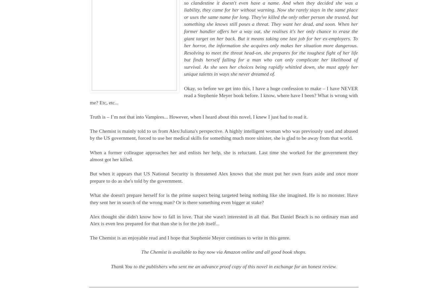 Image resolution: width=445 pixels, height=293 pixels. I want to click on 'The Chemist is available to buy now via', so click(141, 251).